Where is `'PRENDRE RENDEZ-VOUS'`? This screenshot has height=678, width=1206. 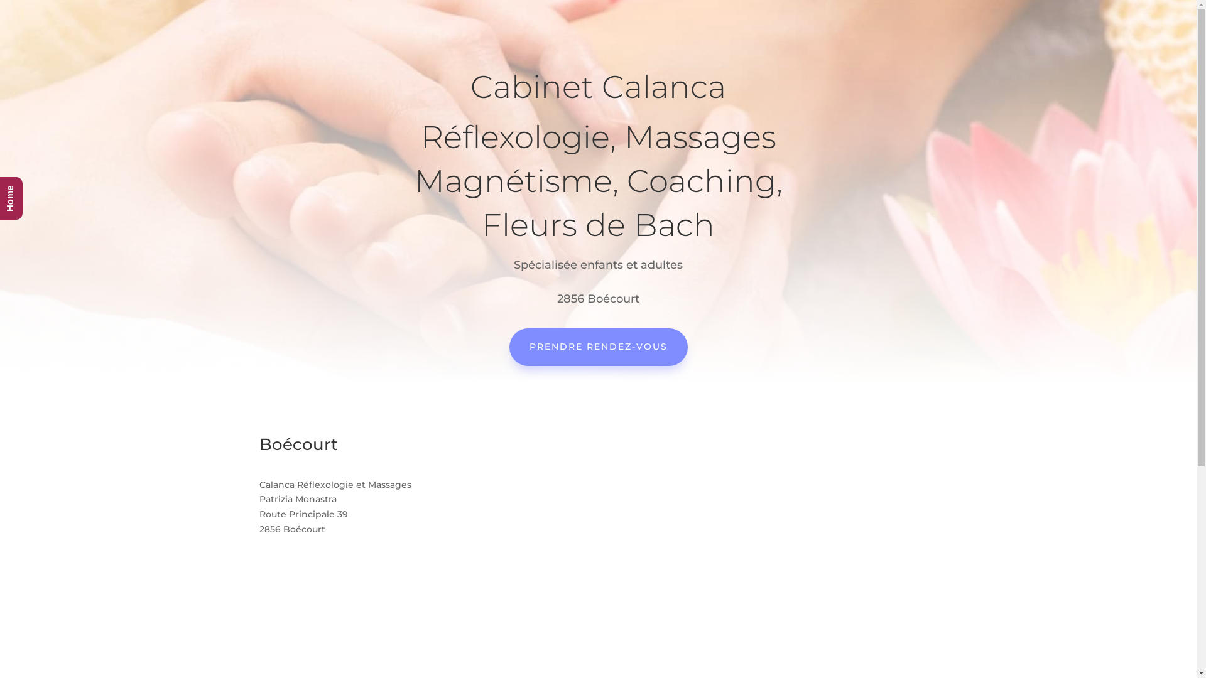
'PRENDRE RENDEZ-VOUS' is located at coordinates (597, 347).